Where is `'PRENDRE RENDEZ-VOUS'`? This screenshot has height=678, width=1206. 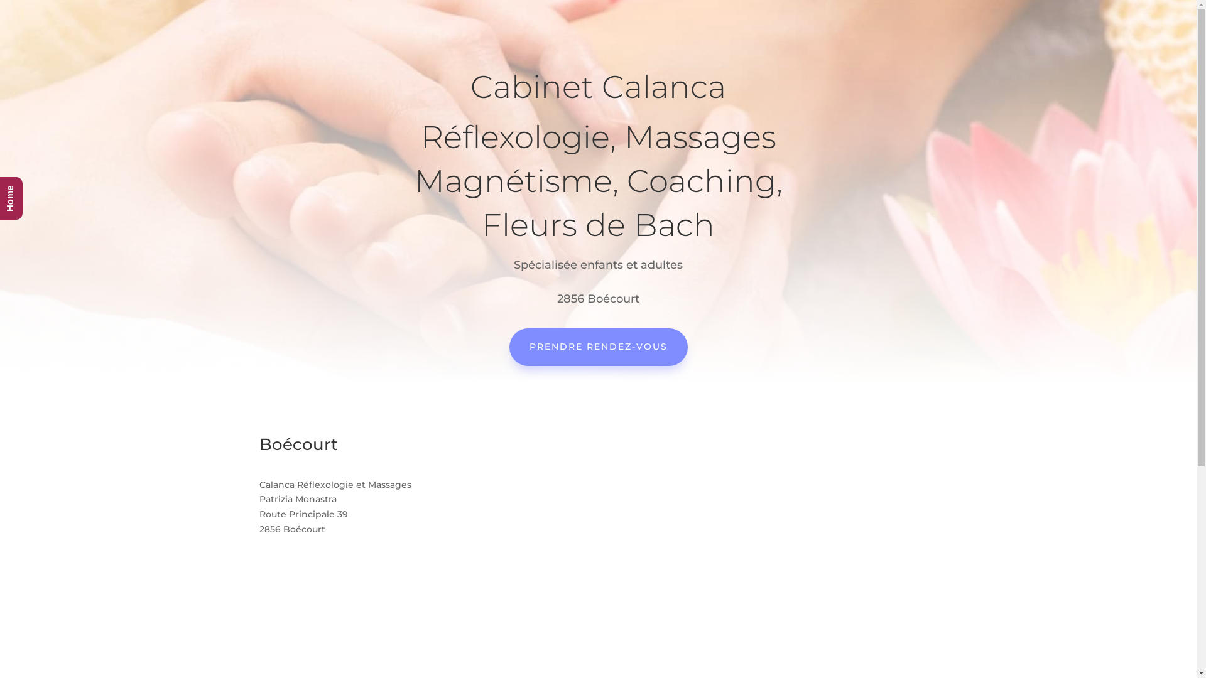
'PRENDRE RENDEZ-VOUS' is located at coordinates (597, 347).